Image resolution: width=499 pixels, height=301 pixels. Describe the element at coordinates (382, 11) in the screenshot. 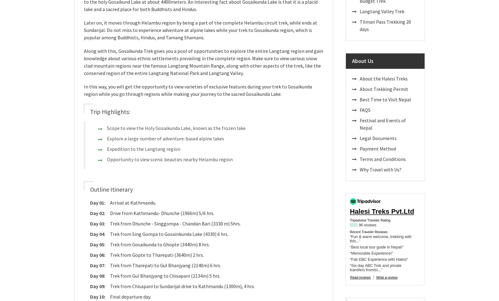

I see `'Langtang Valley Trek'` at that location.